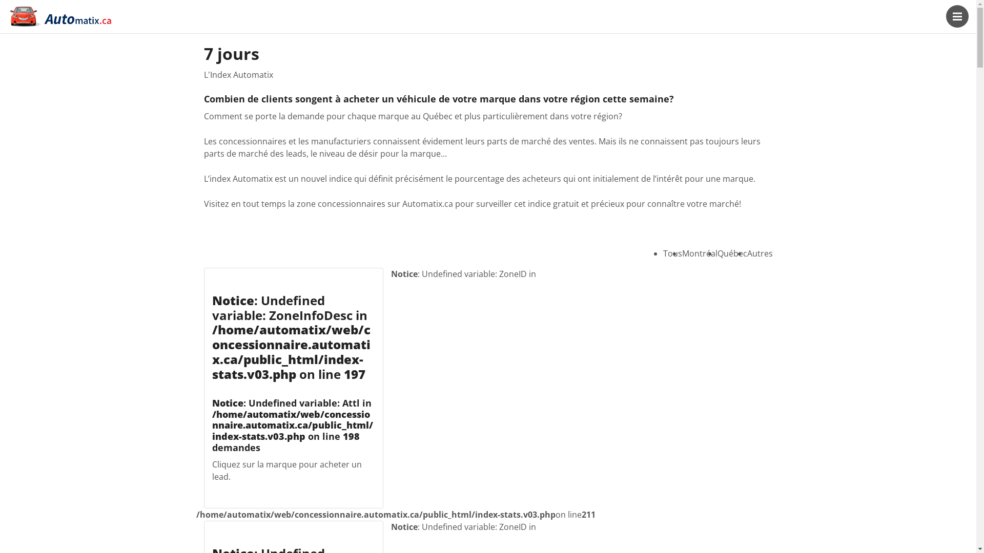  What do you see at coordinates (946, 16) in the screenshot?
I see `'Menu'` at bounding box center [946, 16].